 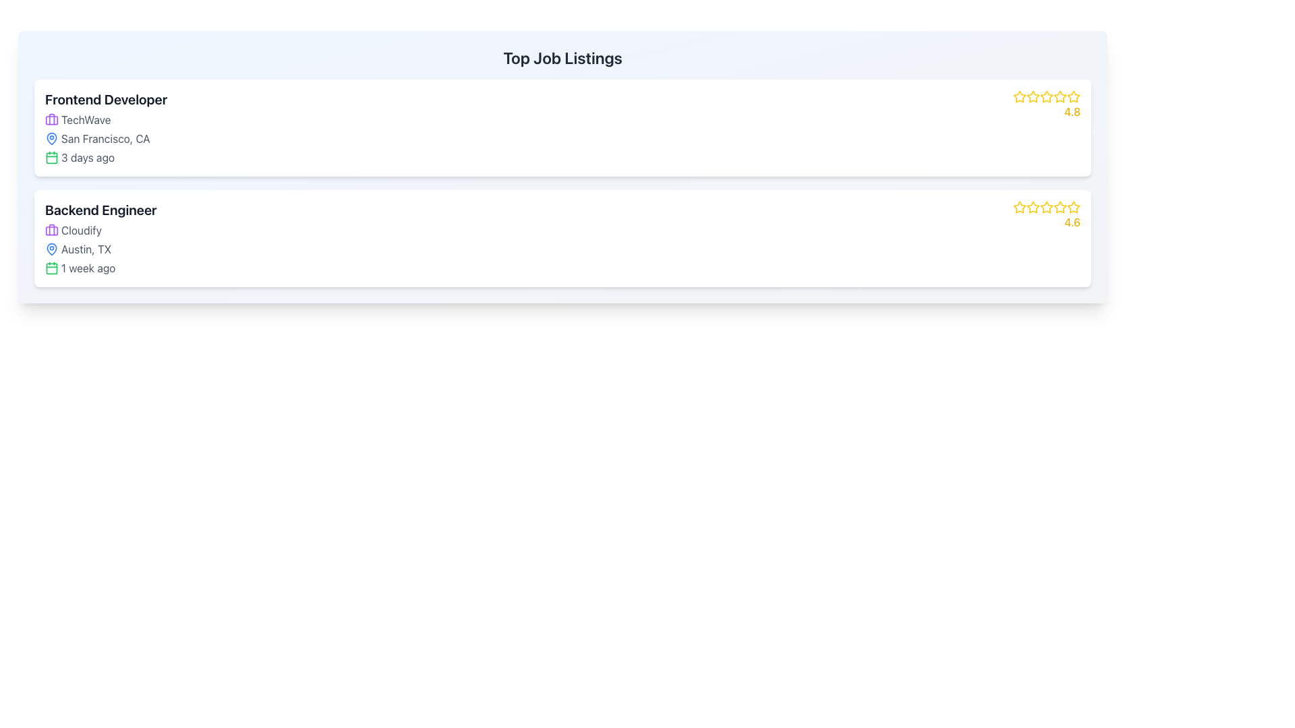 I want to click on the static text element that serves as the title of the job posting, so click(x=105, y=98).